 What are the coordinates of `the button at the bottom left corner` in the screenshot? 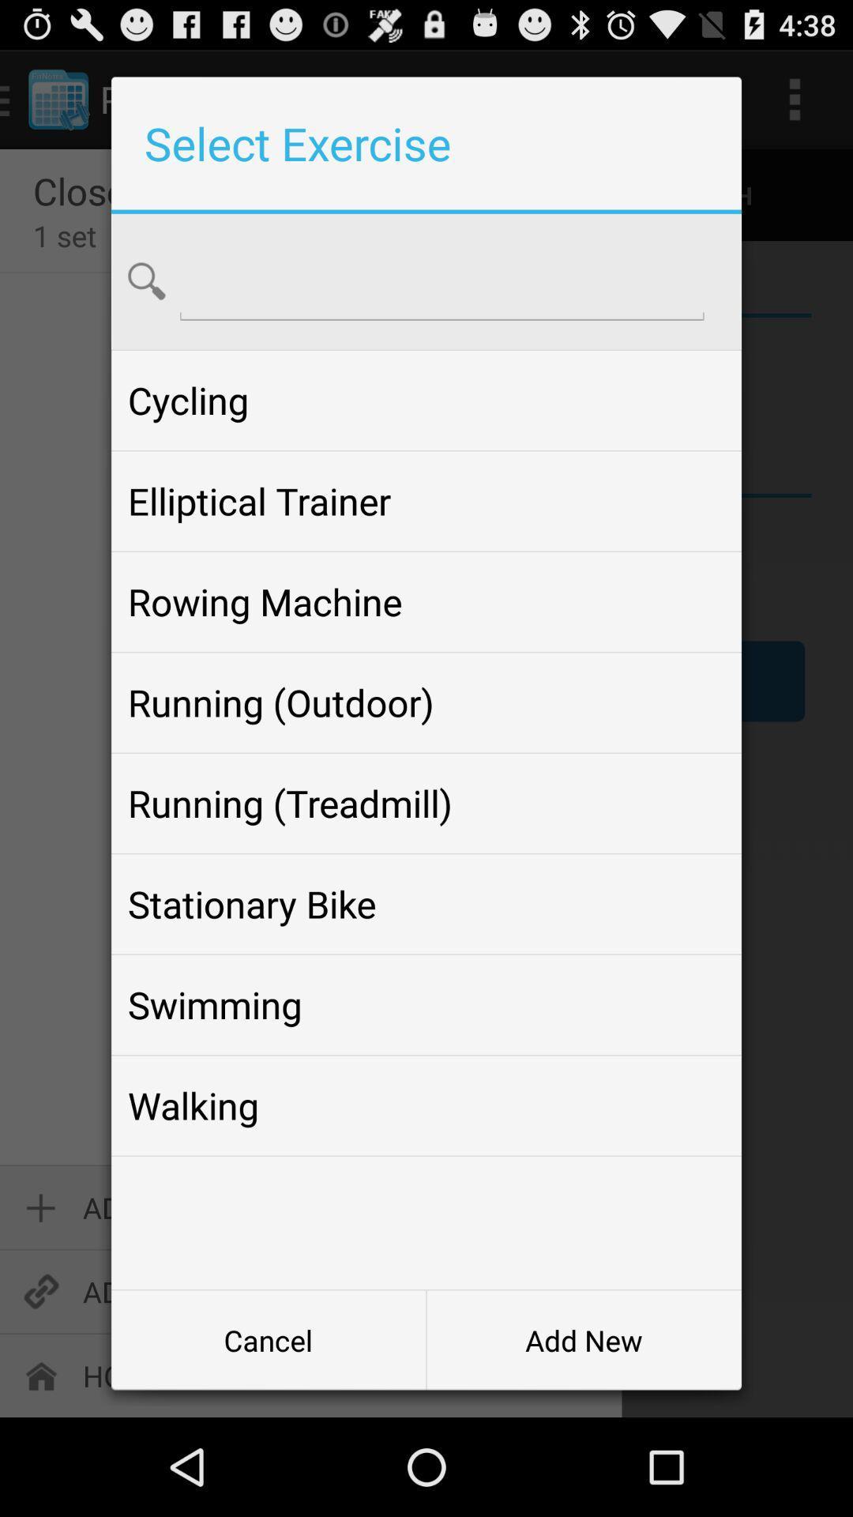 It's located at (268, 1339).